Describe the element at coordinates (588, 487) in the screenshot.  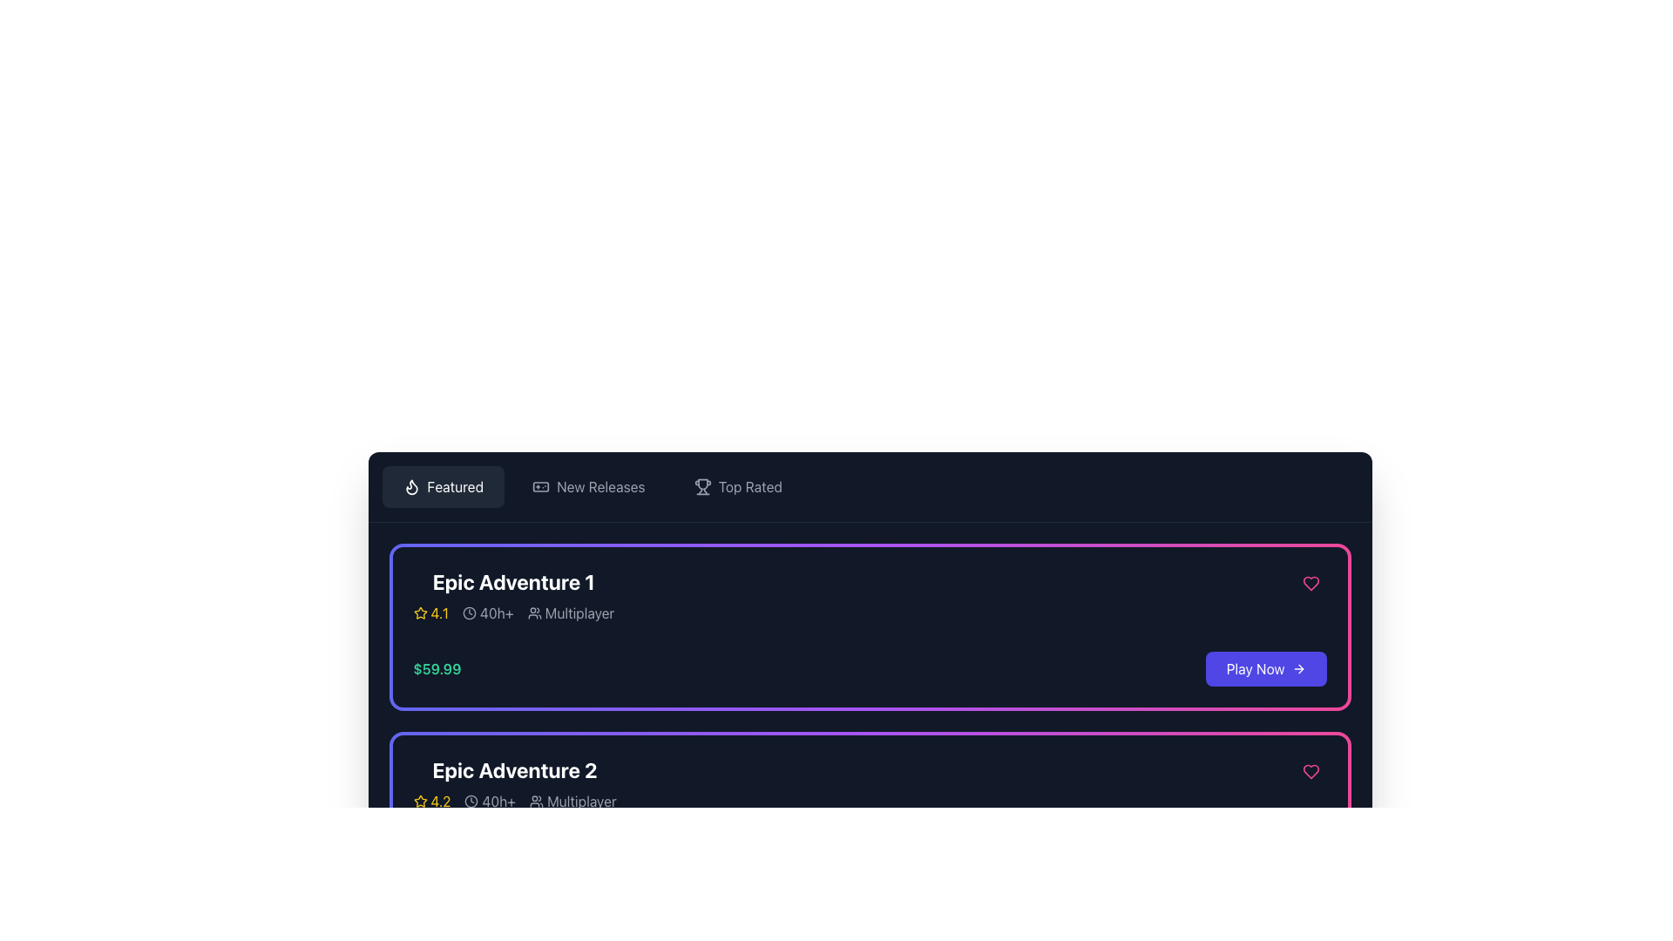
I see `the 'New Releases' button` at that location.